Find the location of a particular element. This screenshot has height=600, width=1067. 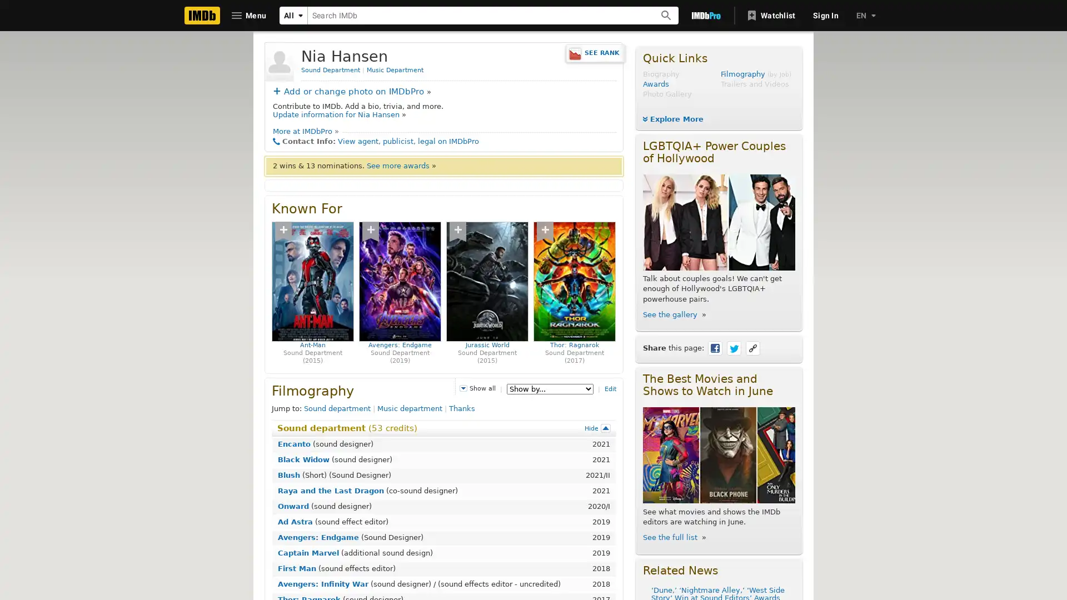

All is located at coordinates (293, 15).